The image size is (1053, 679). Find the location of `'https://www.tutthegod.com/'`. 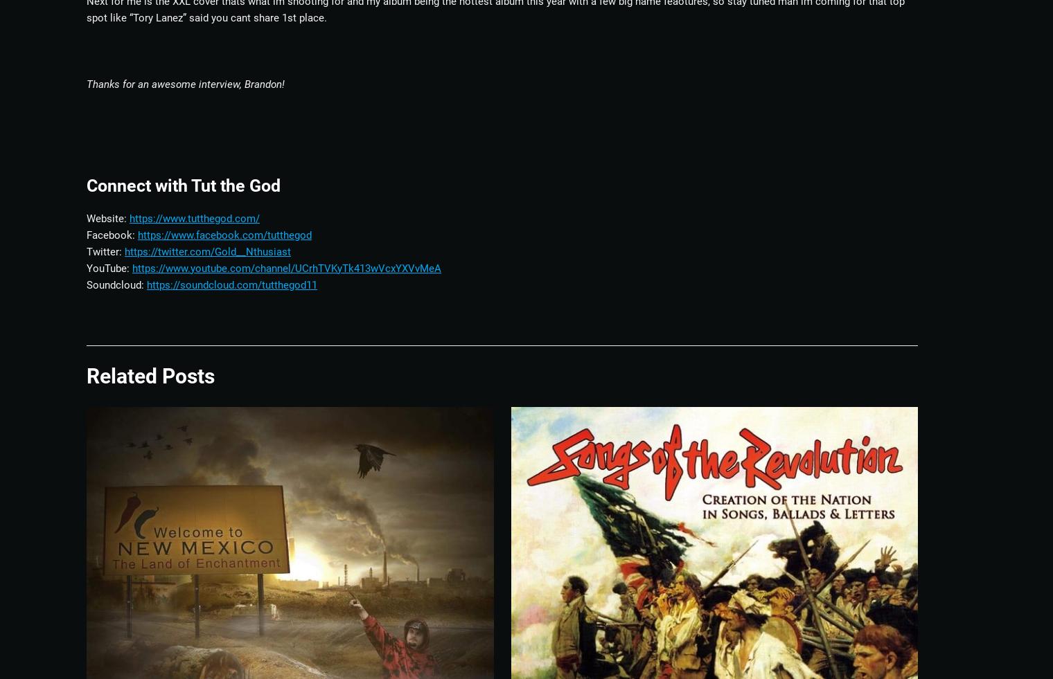

'https://www.tutthegod.com/' is located at coordinates (194, 217).